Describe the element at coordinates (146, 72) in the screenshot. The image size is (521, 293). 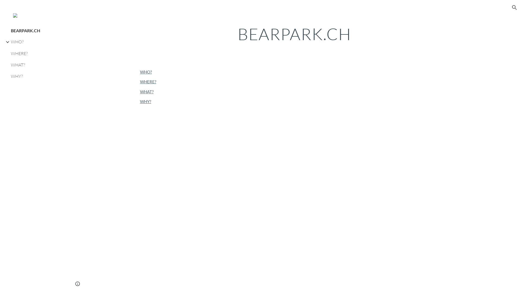
I see `'WHO?'` at that location.